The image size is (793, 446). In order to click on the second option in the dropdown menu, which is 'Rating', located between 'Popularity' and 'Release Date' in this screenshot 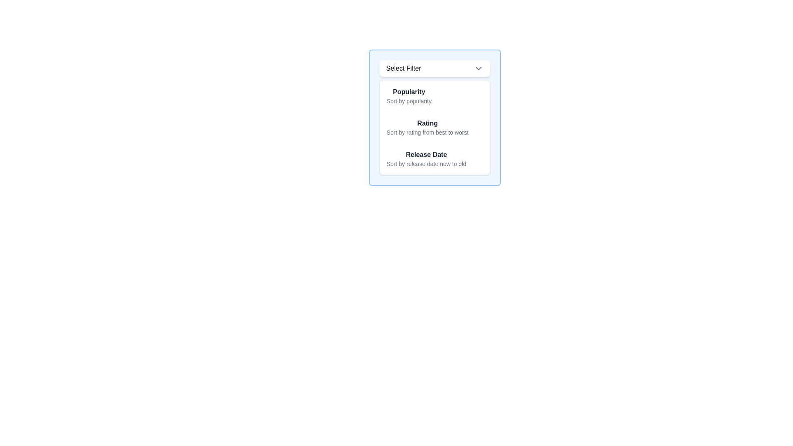, I will do `click(434, 118)`.